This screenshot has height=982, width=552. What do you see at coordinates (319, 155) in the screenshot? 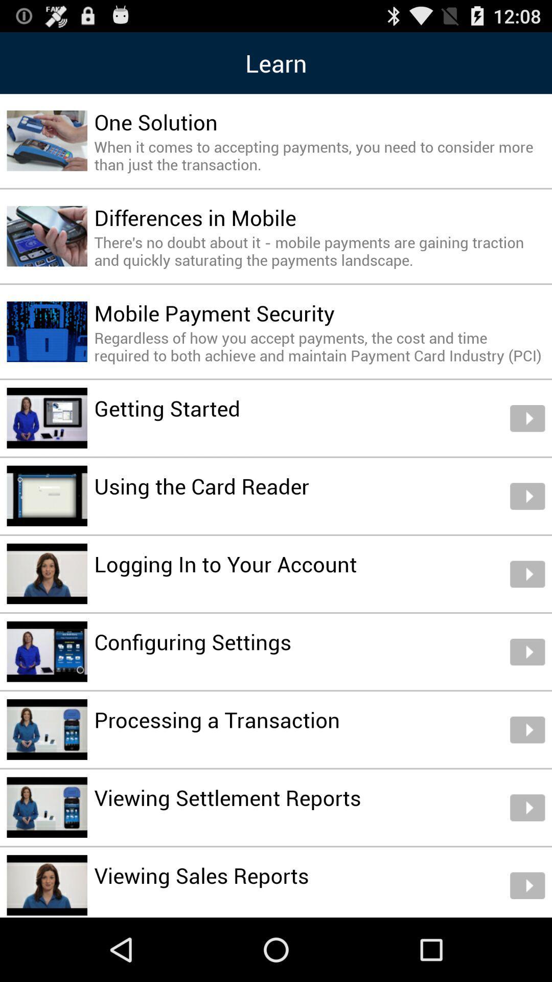
I see `the when it comes item` at bounding box center [319, 155].